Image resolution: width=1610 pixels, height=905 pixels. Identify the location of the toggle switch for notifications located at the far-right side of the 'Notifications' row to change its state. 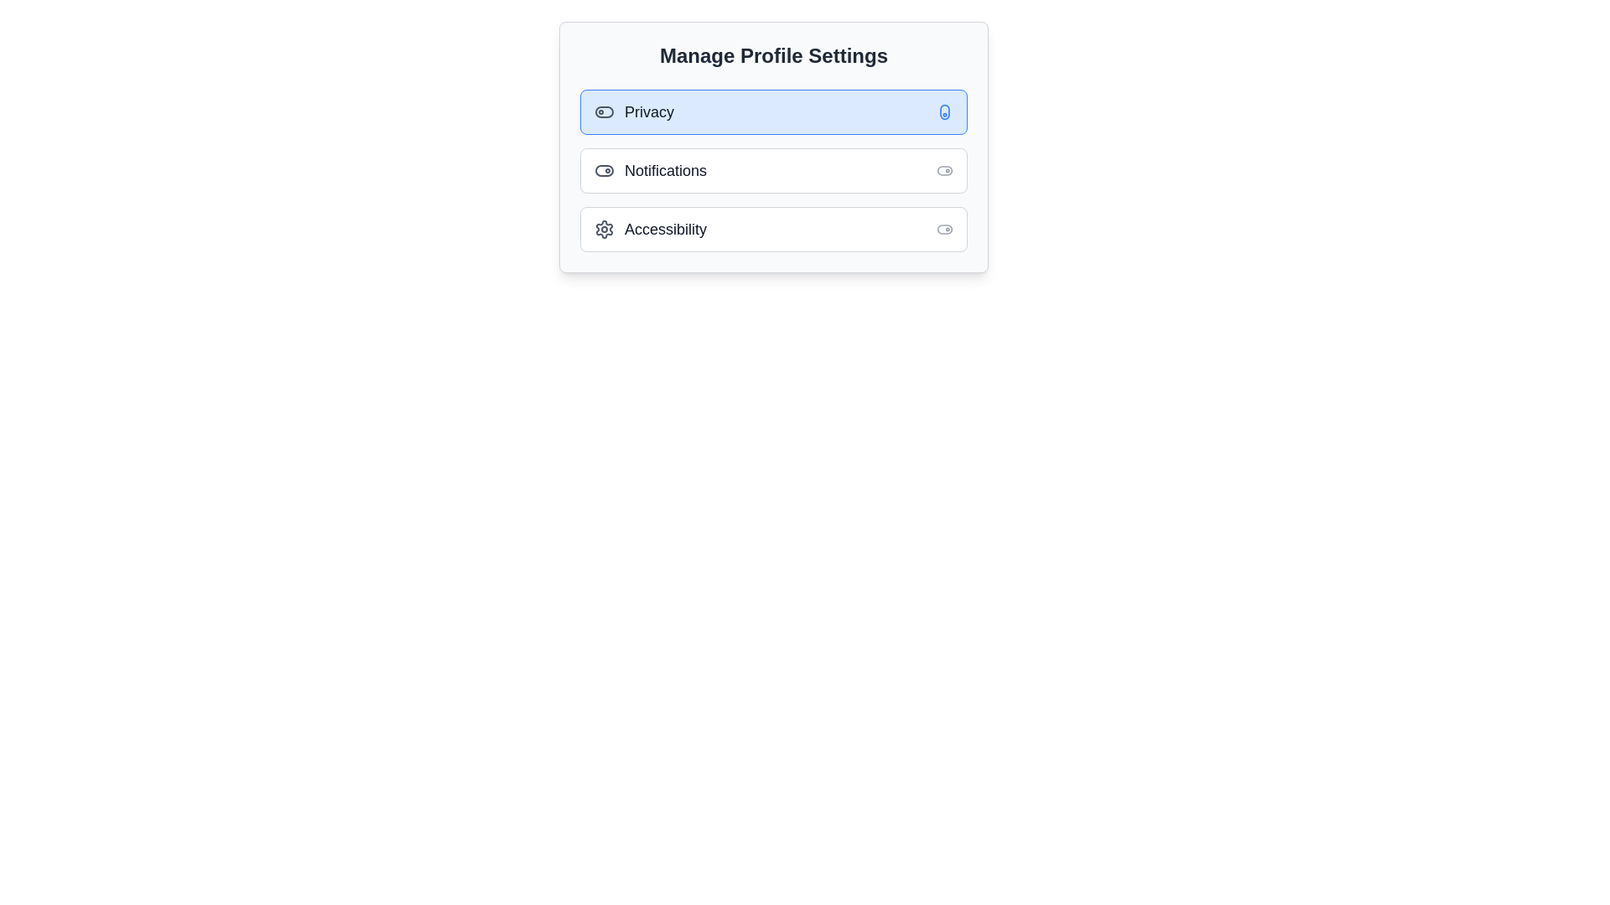
(604, 171).